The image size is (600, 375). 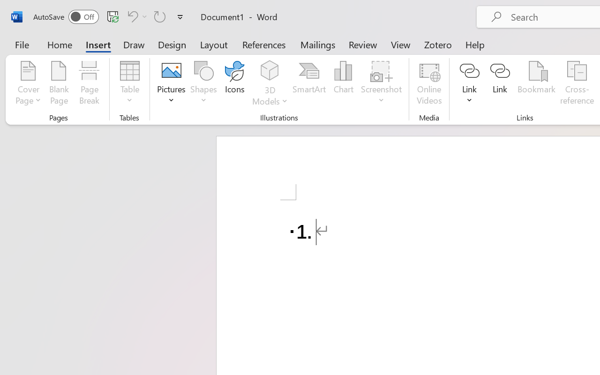 What do you see at coordinates (135, 16) in the screenshot?
I see `'Undo Number Default'` at bounding box center [135, 16].